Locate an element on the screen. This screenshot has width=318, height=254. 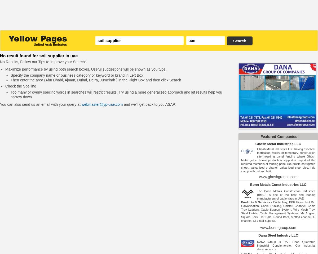
'Specify the company name or business category or keyword or brand in Left Box' is located at coordinates (77, 75).